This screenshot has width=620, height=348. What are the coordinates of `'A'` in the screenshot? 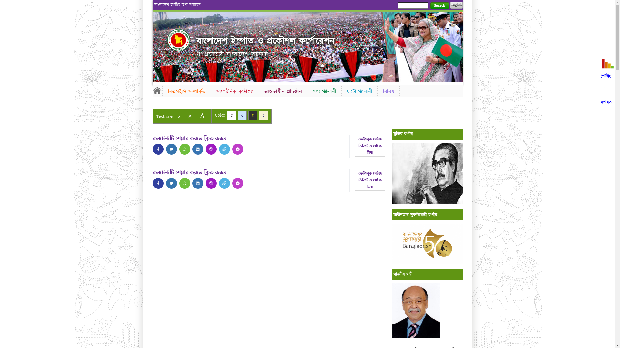 It's located at (179, 117).